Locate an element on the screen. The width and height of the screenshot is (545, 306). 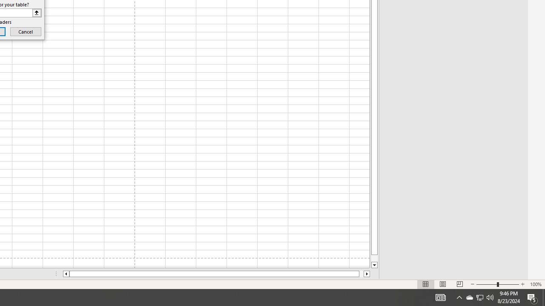
'Column right' is located at coordinates (367, 274).